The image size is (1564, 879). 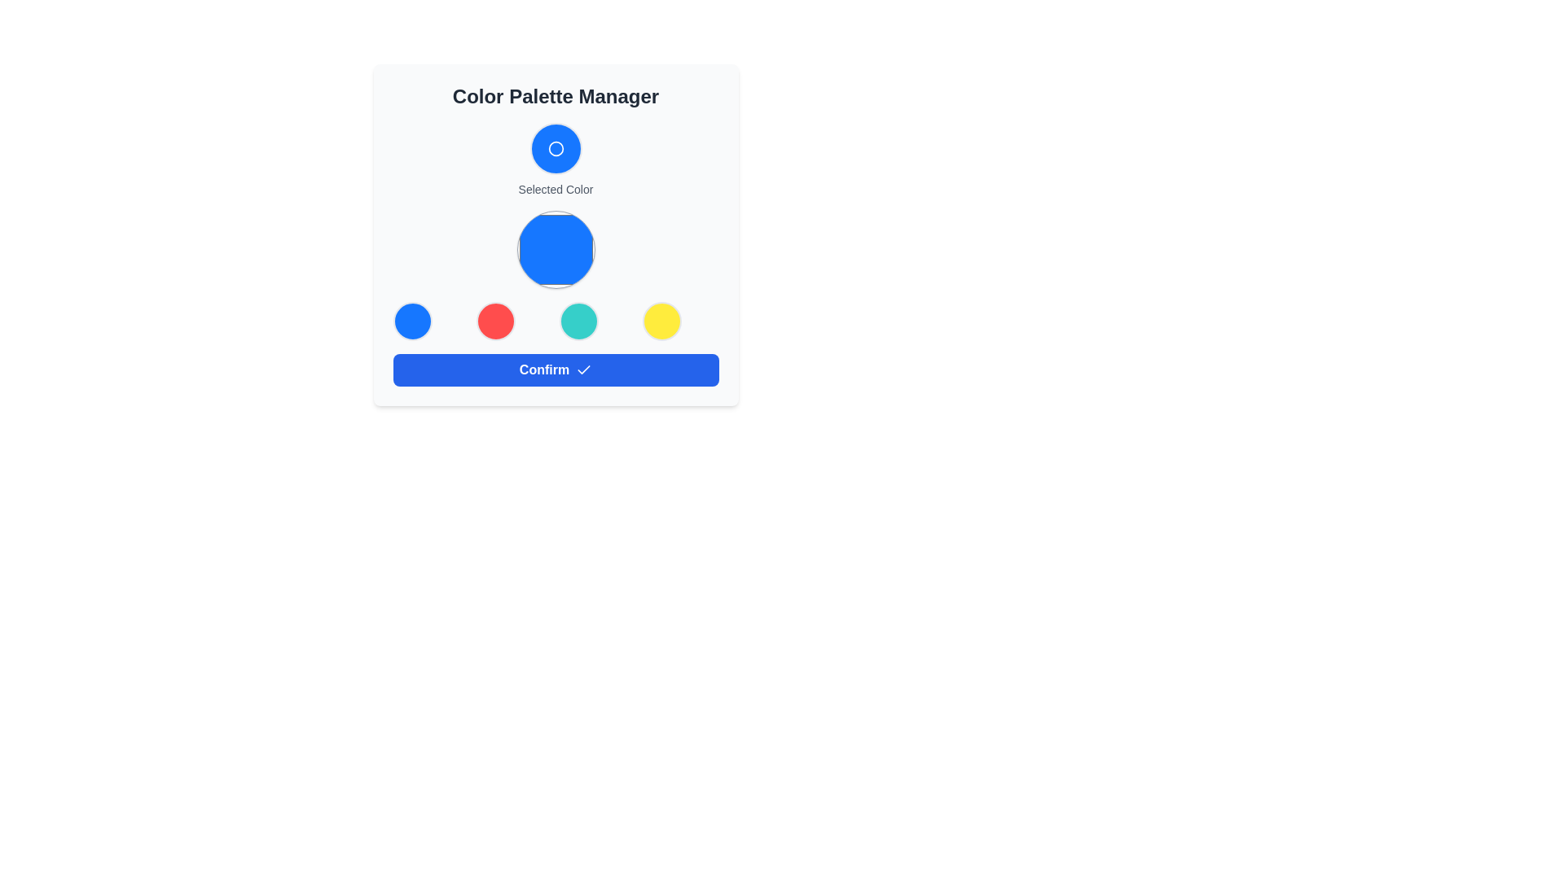 I want to click on the first circular Color selector button with a blue background, so click(x=412, y=321).